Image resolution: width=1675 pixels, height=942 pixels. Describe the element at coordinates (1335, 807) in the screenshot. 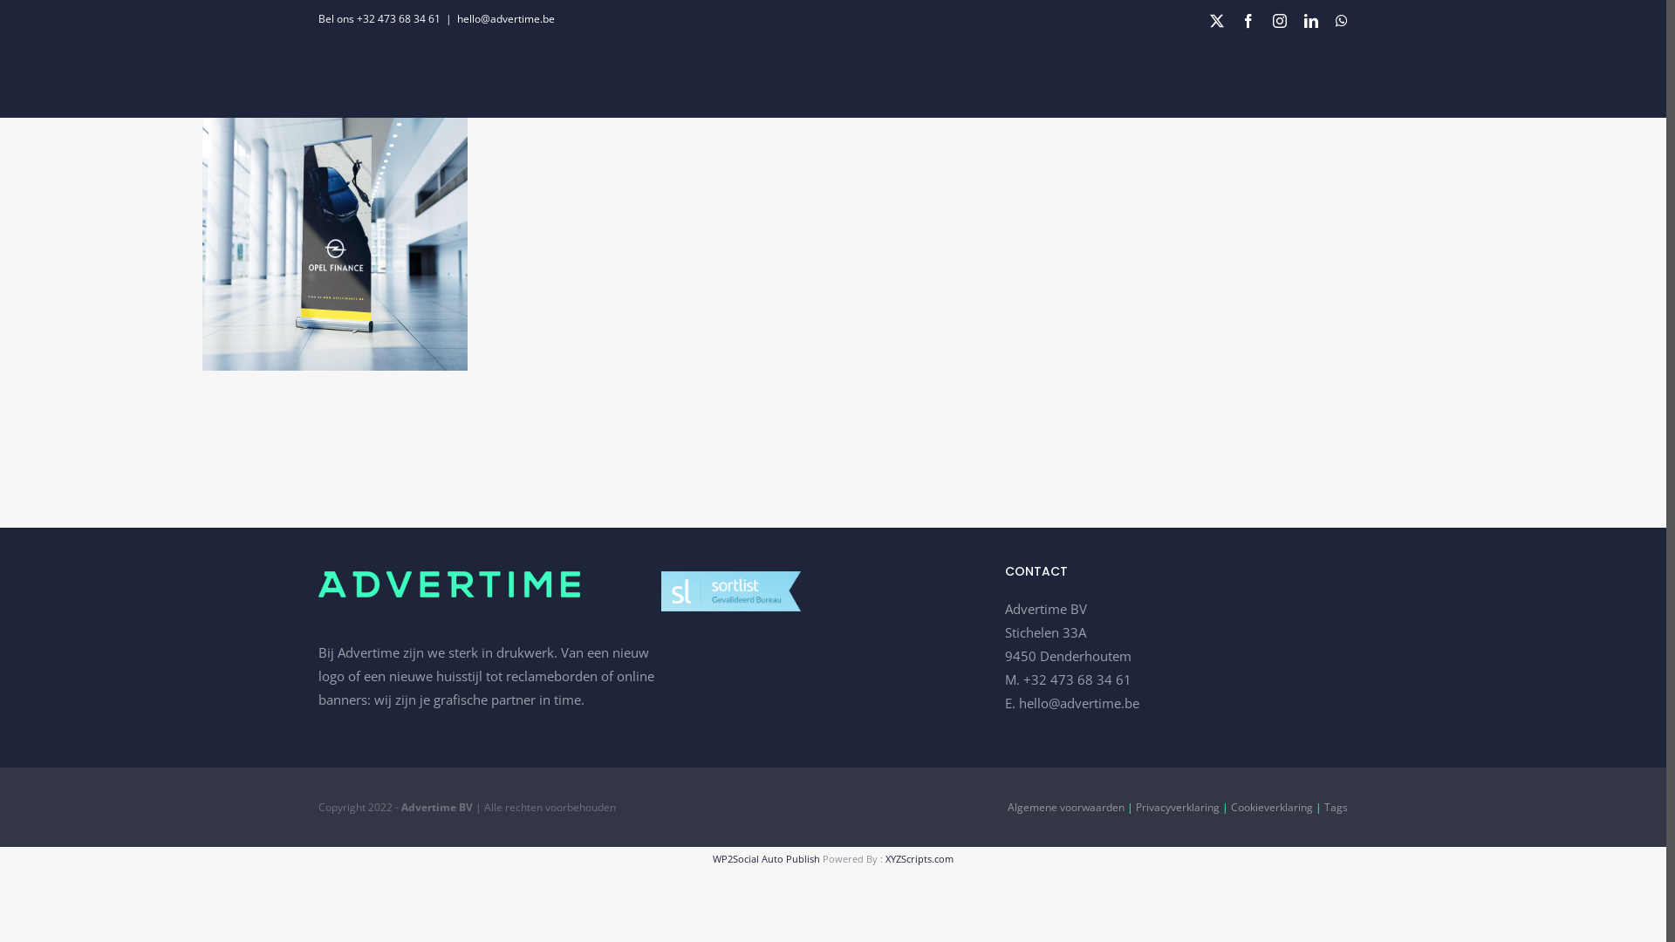

I see `'Tags'` at that location.